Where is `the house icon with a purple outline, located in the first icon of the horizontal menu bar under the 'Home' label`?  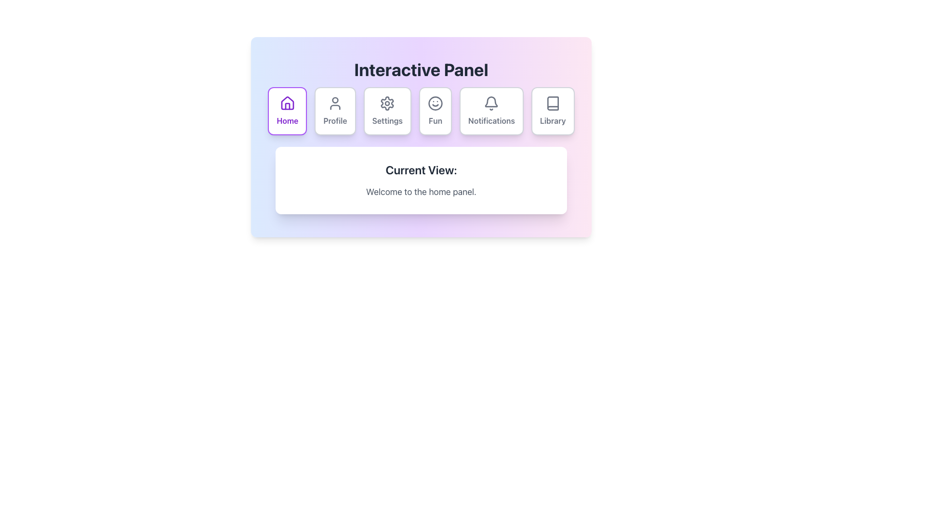 the house icon with a purple outline, located in the first icon of the horizontal menu bar under the 'Home' label is located at coordinates (287, 103).